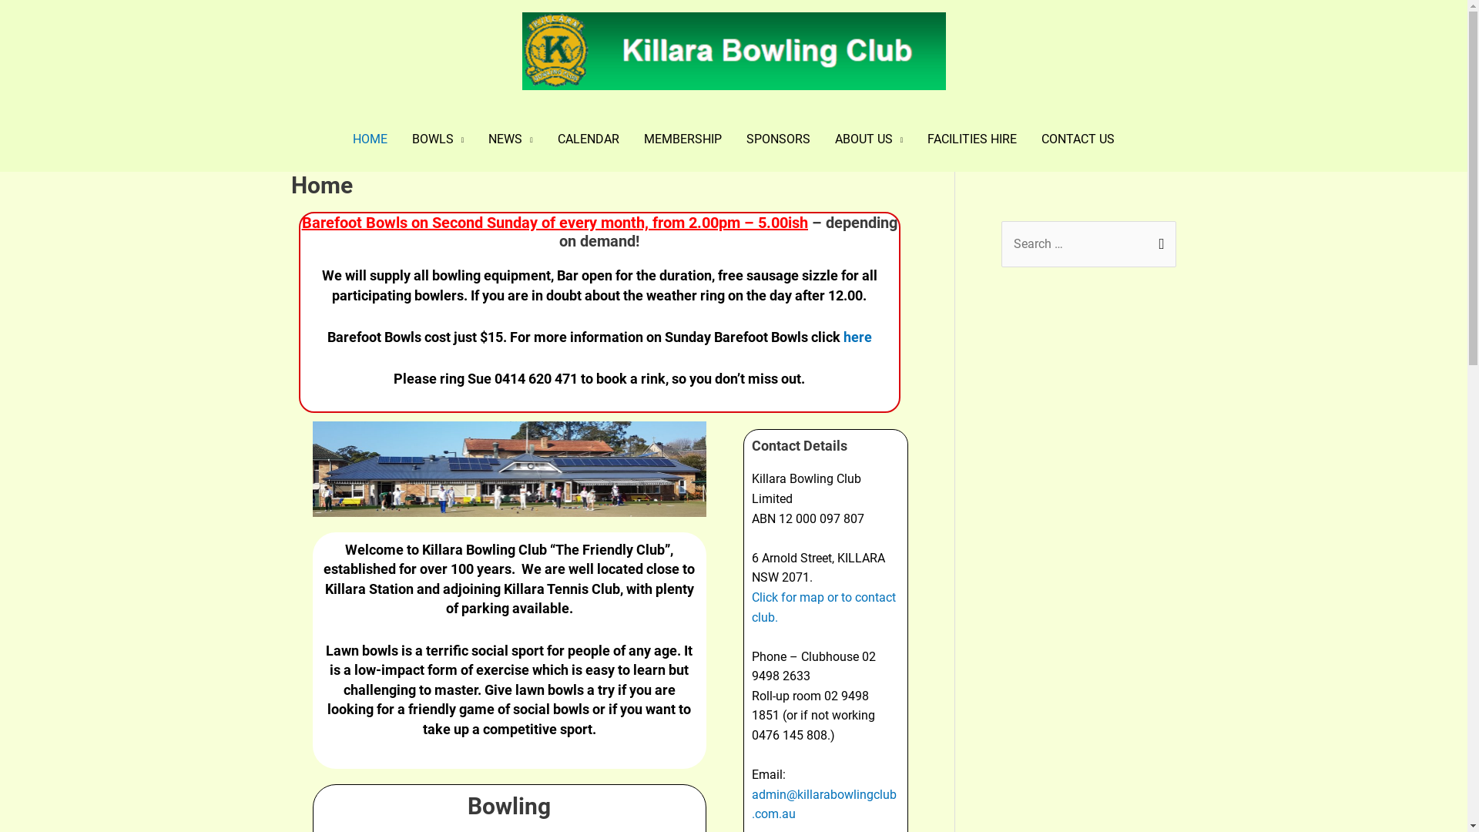 This screenshot has width=1479, height=832. What do you see at coordinates (632, 139) in the screenshot?
I see `'MEMBERSHIP'` at bounding box center [632, 139].